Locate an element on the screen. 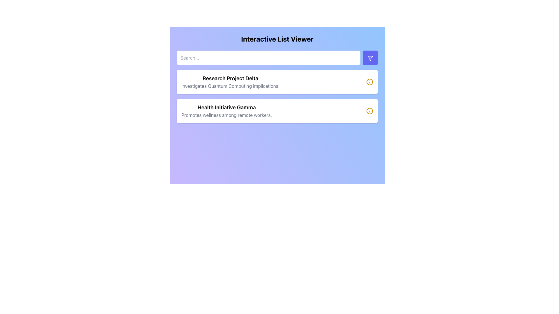 The height and width of the screenshot is (314, 559). text content of the Text block titled 'Health Initiative Gamma' which contains a description about promoting wellness among remote workers is located at coordinates (226, 111).